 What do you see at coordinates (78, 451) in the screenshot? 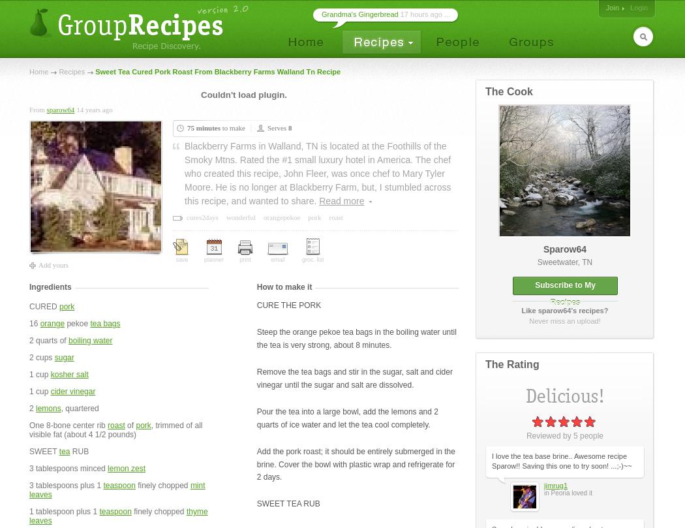
I see `'RUB'` at bounding box center [78, 451].